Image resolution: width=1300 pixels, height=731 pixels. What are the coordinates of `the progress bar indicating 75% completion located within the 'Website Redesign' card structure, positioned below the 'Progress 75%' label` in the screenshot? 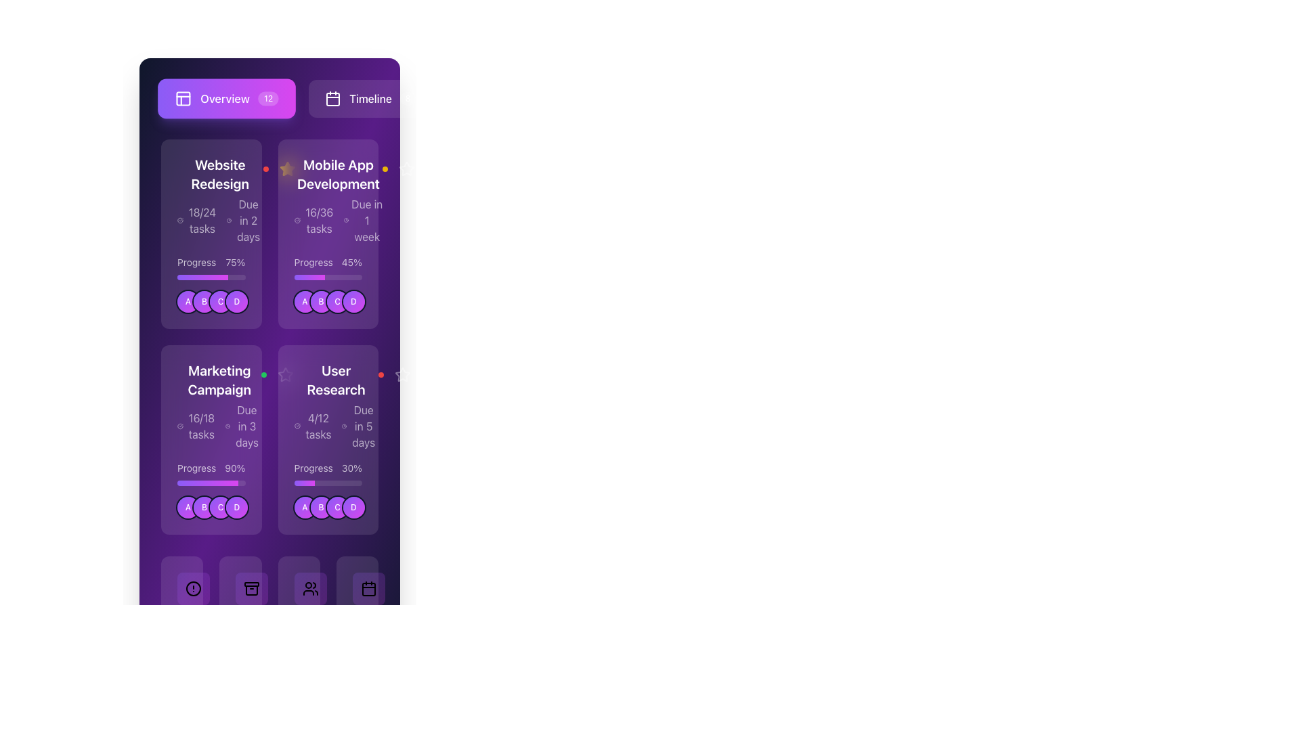 It's located at (211, 276).